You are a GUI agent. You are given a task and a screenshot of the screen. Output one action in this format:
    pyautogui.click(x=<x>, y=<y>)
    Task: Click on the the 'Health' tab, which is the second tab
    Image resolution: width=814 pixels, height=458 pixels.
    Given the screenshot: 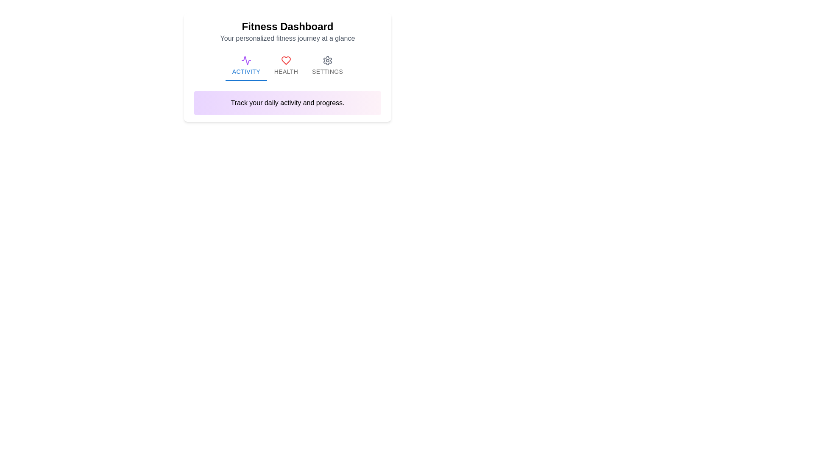 What is the action you would take?
    pyautogui.click(x=286, y=65)
    